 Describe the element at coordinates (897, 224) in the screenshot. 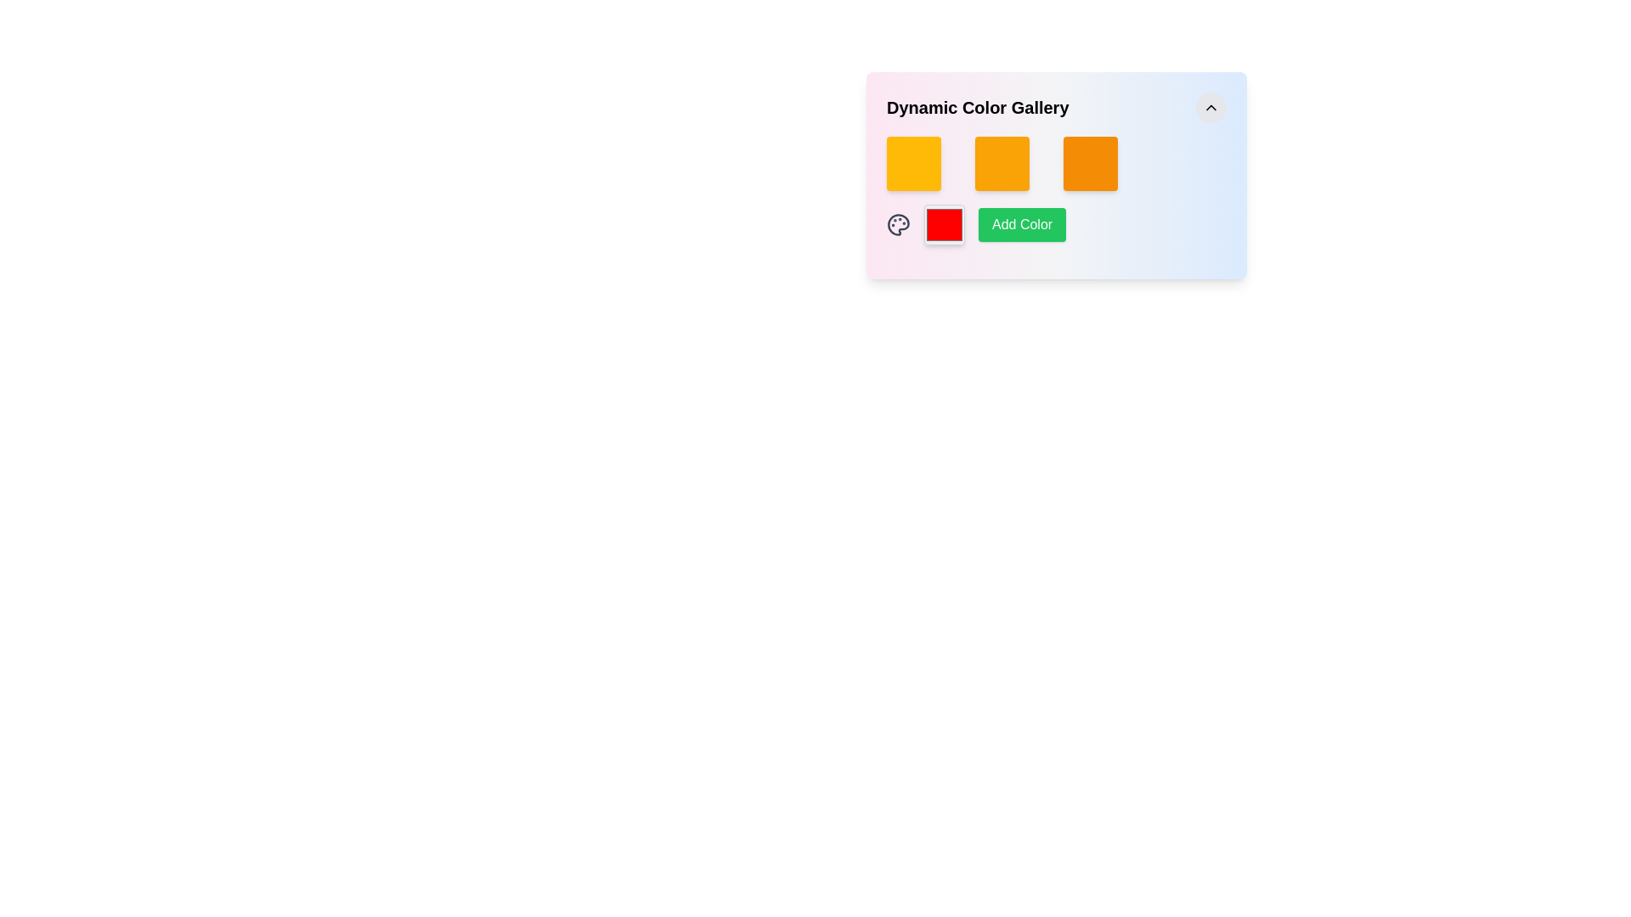

I see `the color palette icon located at the bottom left of the 'Dynamic Color Gallery' card, adjacent to the color squares and left of the 'Add Color' button` at that location.